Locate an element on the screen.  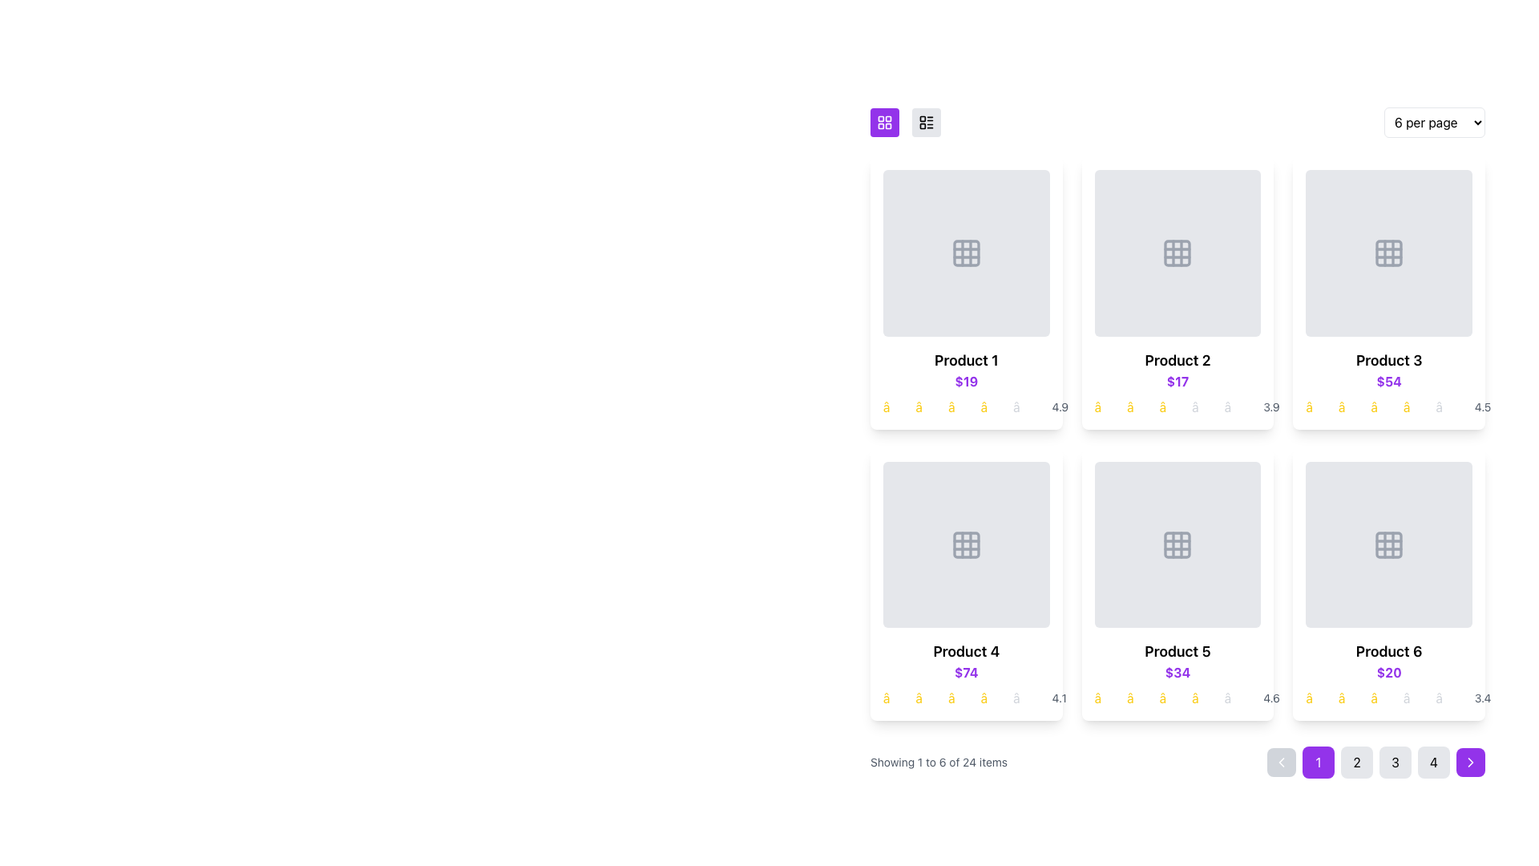
the price label for 'Product 6', which is located beneath the title and above the rating visuals in the product card is located at coordinates (1388, 673).